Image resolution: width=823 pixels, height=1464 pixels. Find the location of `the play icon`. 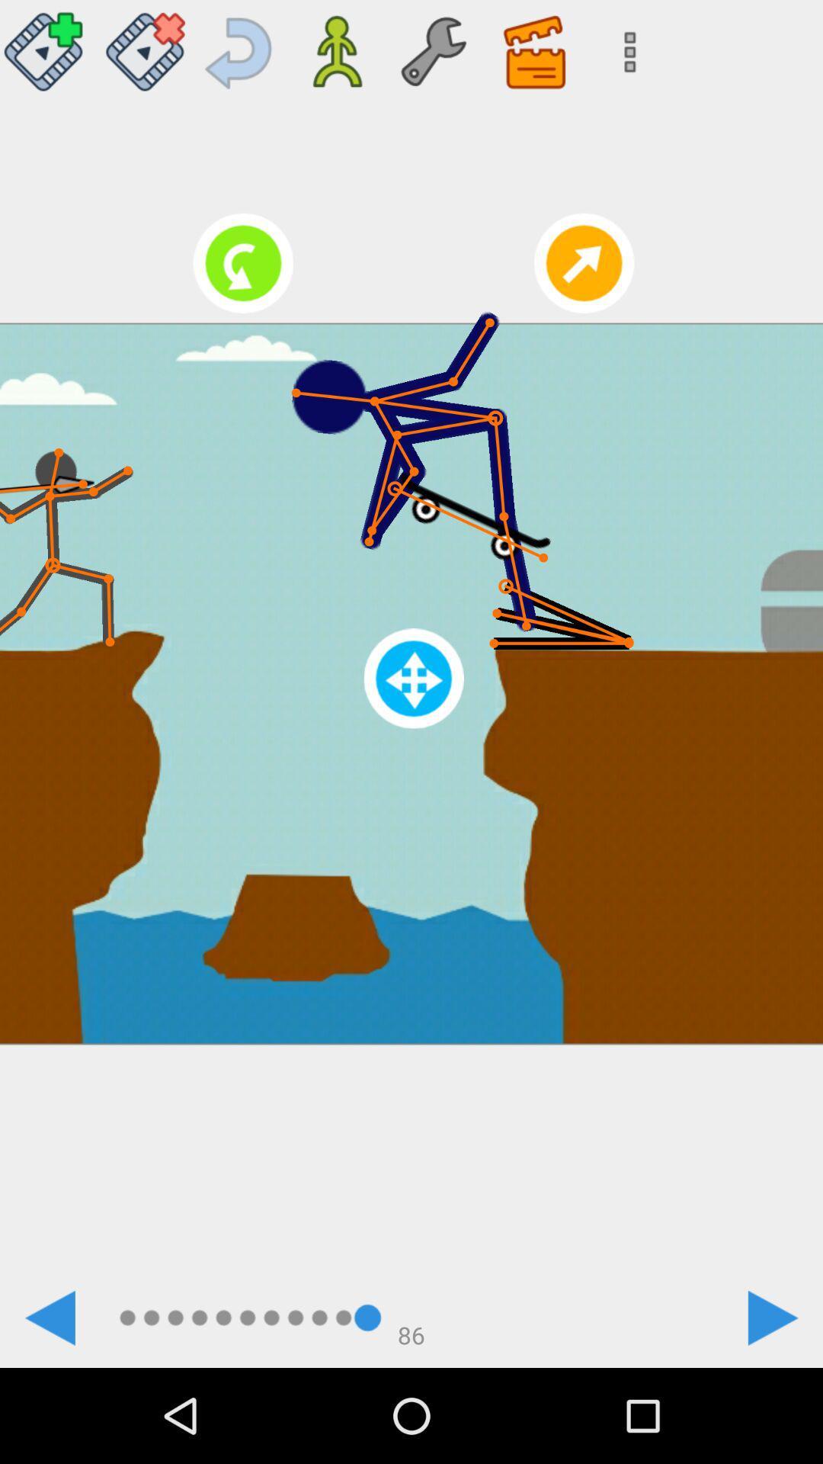

the play icon is located at coordinates (773, 1317).